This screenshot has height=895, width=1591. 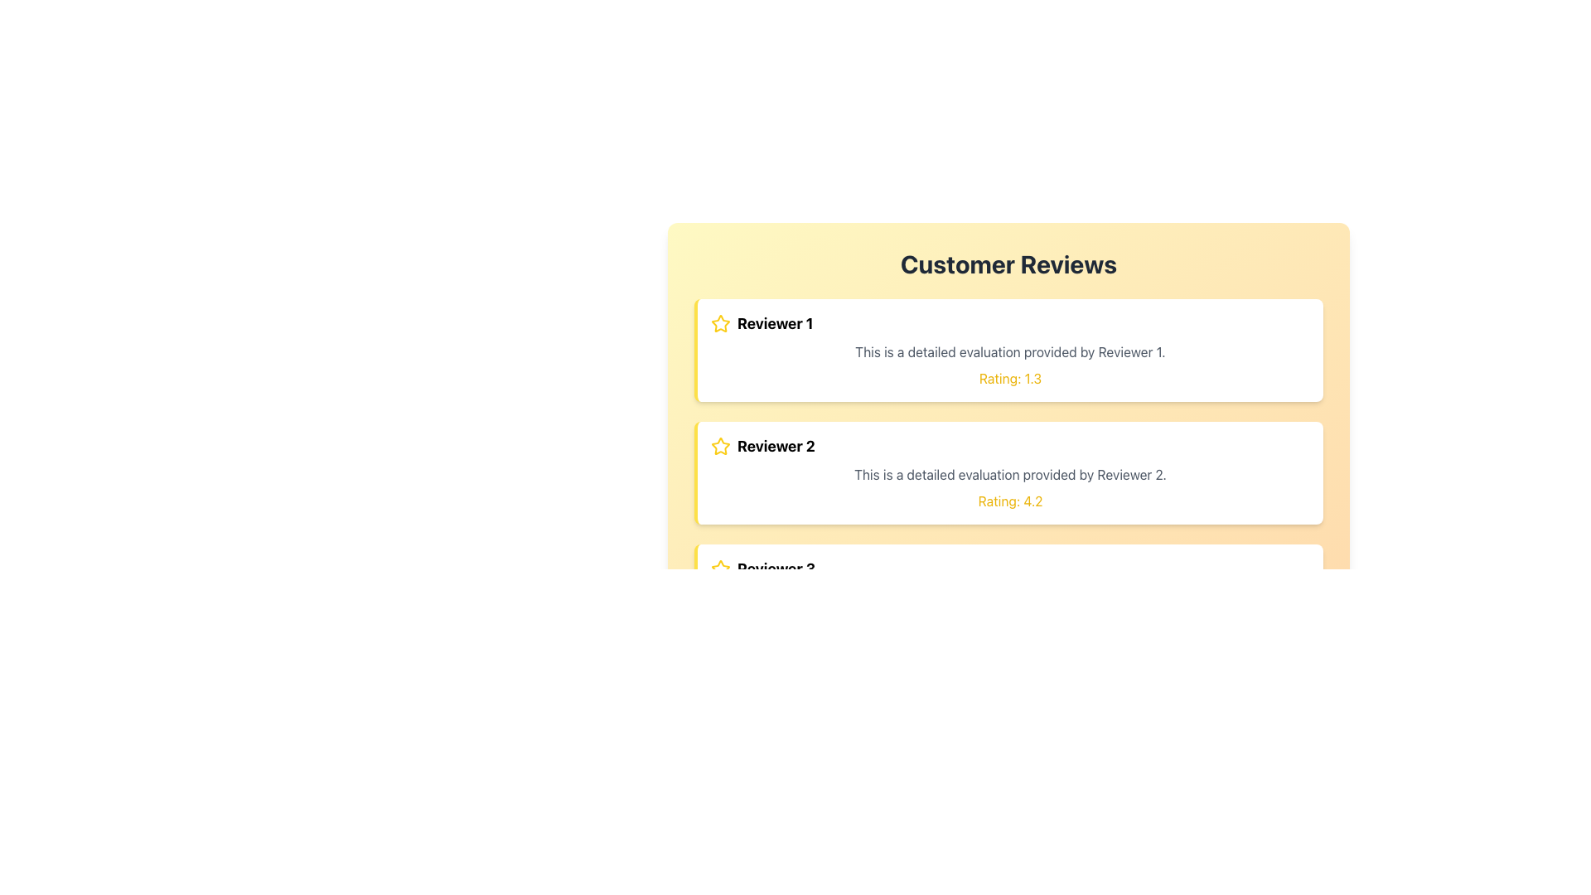 What do you see at coordinates (720, 323) in the screenshot?
I see `the star icon representing a rating indicator located to the left of the text 'Reviewer 1' in the first review section` at bounding box center [720, 323].